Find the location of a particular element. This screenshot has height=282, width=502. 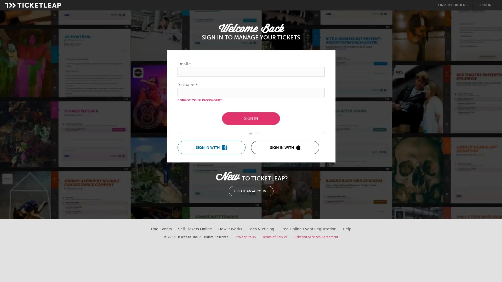

SIGN IN is located at coordinates (251, 119).